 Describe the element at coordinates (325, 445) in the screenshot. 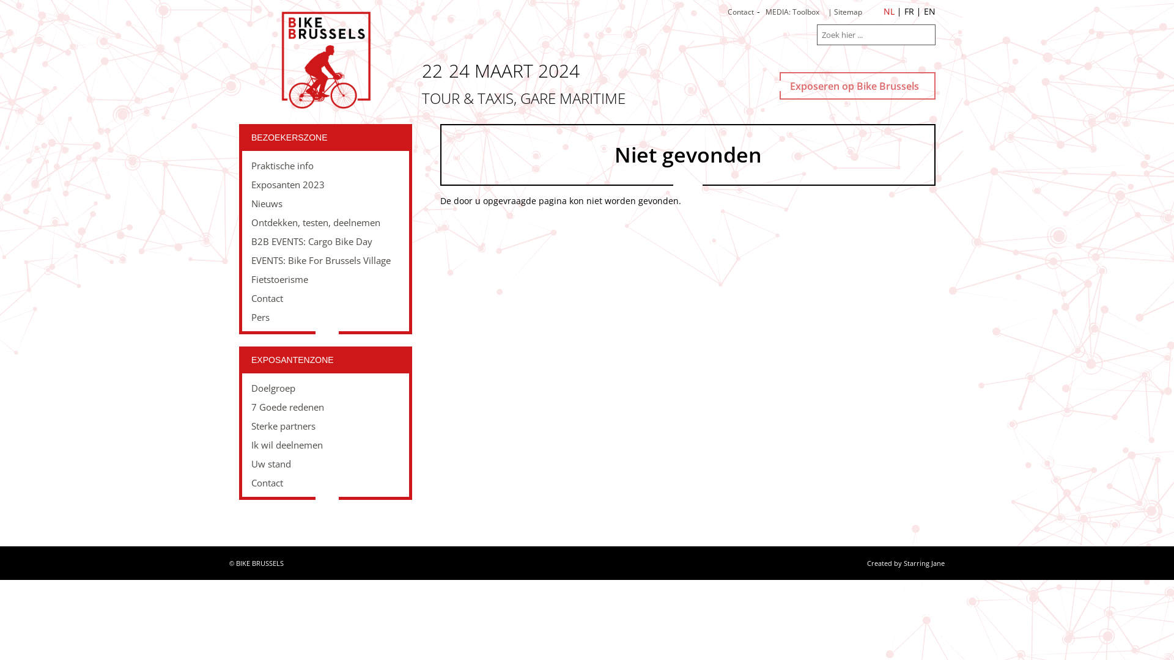

I see `'Ik wil deelnemen'` at that location.